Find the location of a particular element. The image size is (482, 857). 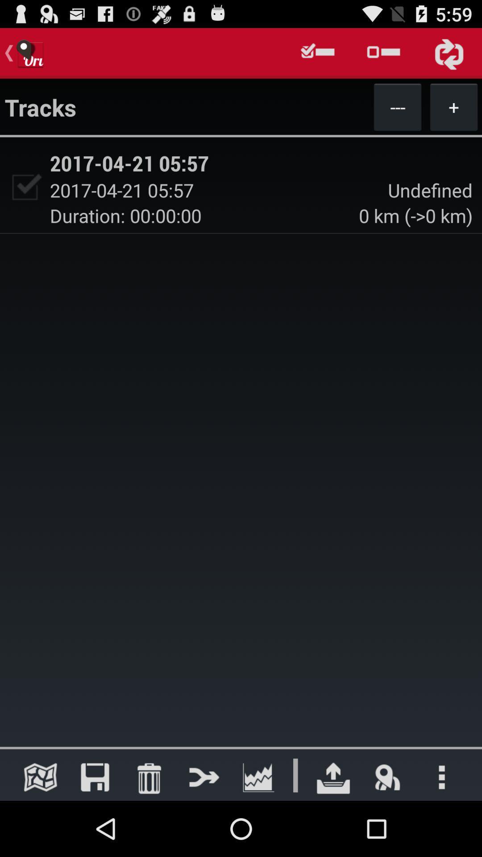

map is located at coordinates (40, 777).